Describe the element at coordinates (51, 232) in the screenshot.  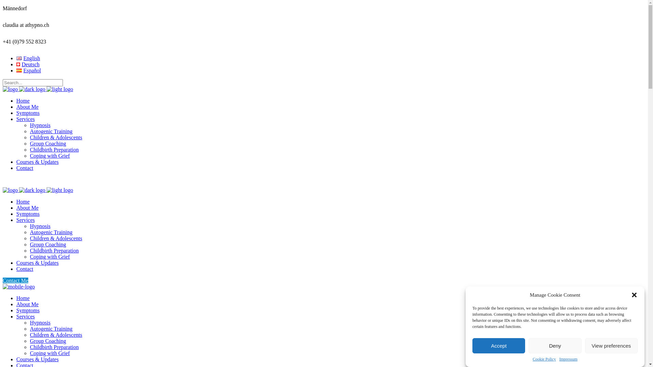
I see `'Autogenic Training'` at that location.